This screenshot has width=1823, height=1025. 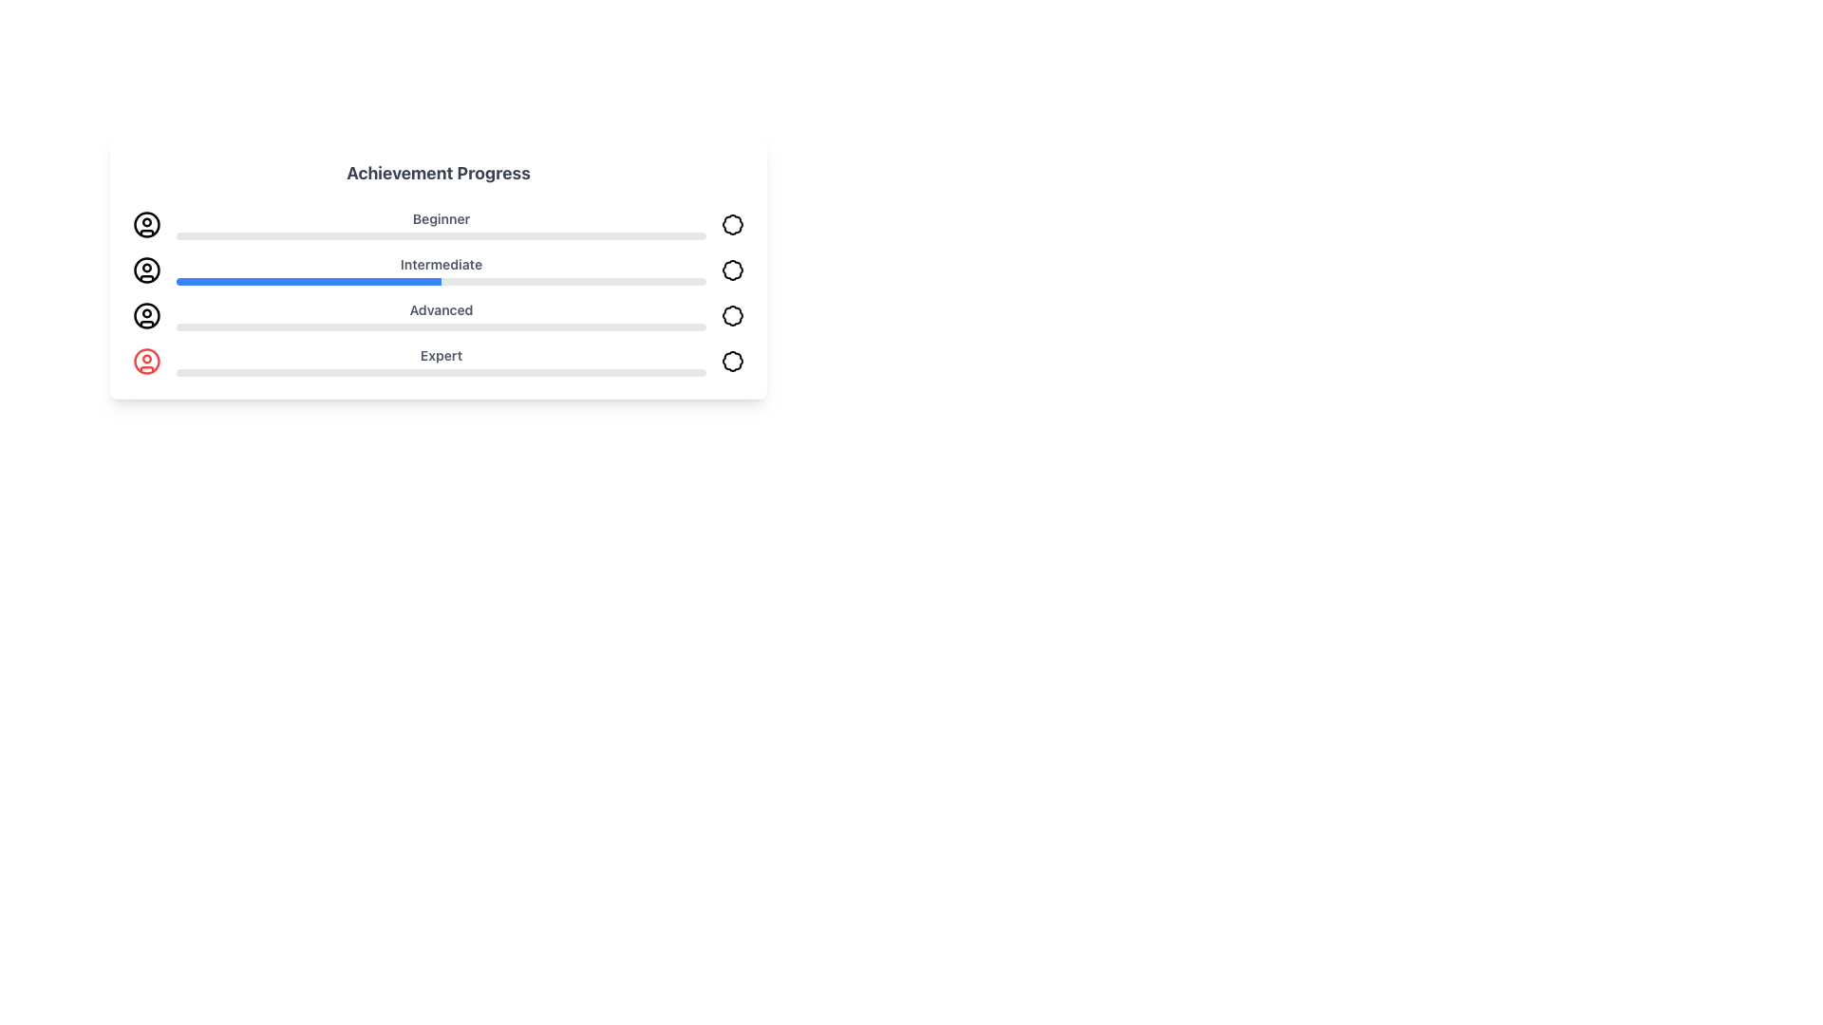 What do you see at coordinates (732, 362) in the screenshot?
I see `the Decorative Icon related to the 'Expert' row in the Achievement Progress interface, which is a scalloped edged icon positioned at the bottom right corner` at bounding box center [732, 362].